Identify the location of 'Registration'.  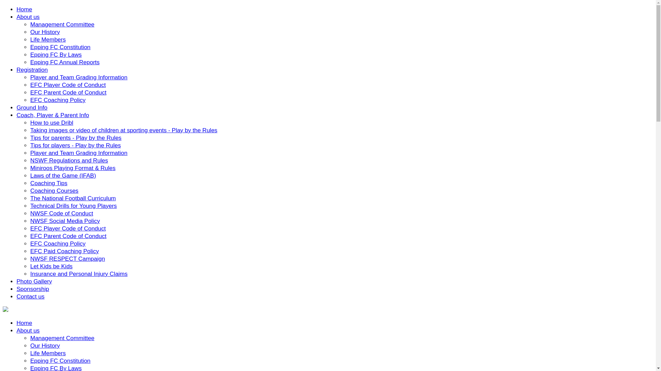
(32, 70).